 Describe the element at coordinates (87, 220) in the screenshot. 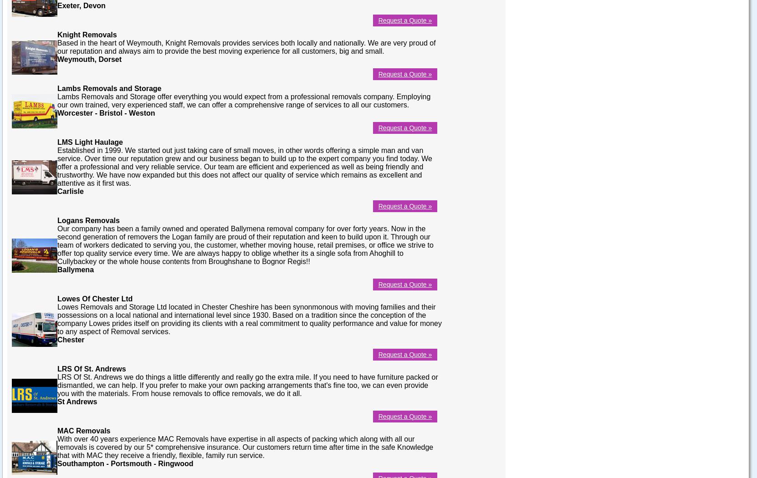

I see `'Logans Removals'` at that location.